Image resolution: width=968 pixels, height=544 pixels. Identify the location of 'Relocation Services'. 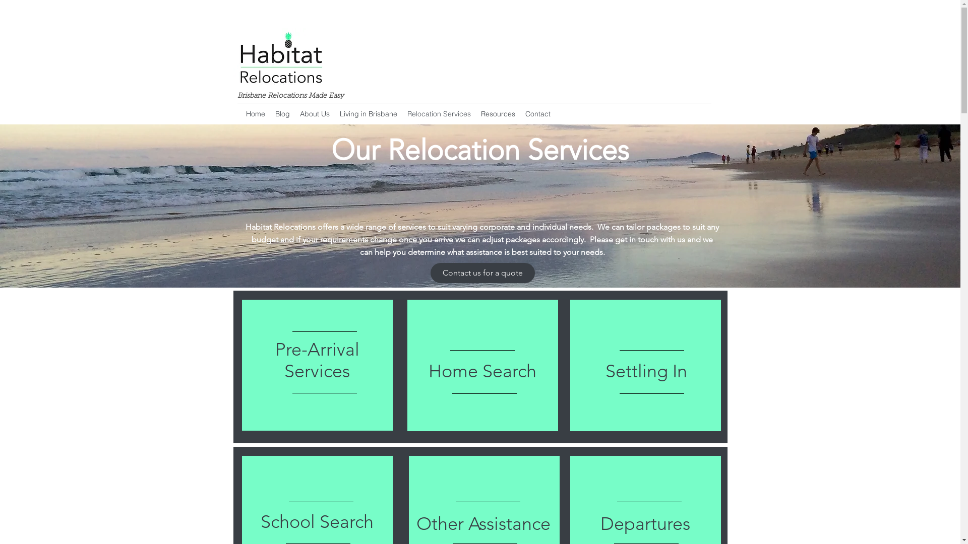
(401, 113).